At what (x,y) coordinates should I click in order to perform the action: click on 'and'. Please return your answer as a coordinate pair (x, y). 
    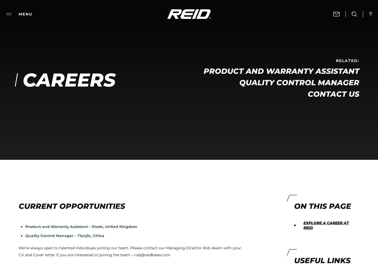
    Looking at the image, I should click on (23, 46).